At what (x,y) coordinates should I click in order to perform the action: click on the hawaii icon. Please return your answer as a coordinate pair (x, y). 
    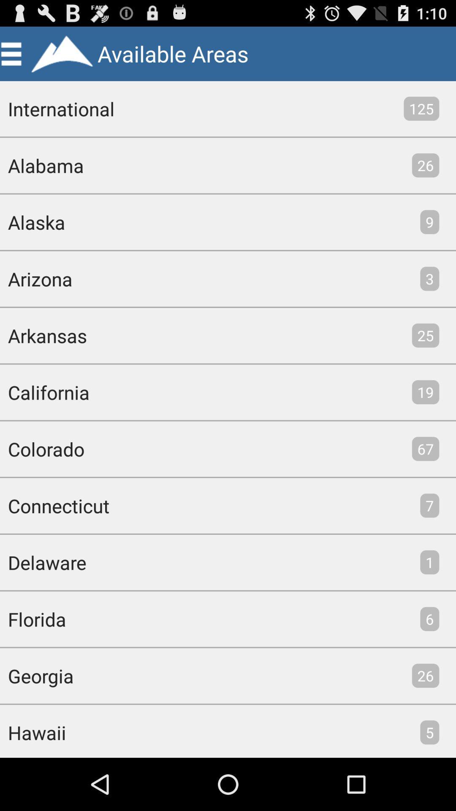
    Looking at the image, I should click on (33, 731).